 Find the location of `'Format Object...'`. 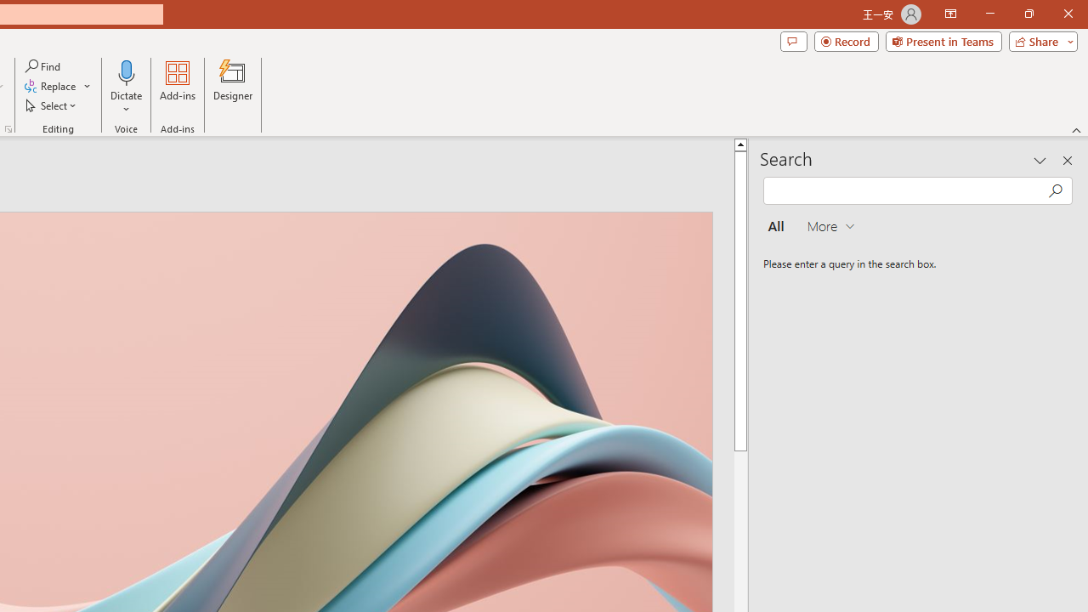

'Format Object...' is located at coordinates (8, 127).